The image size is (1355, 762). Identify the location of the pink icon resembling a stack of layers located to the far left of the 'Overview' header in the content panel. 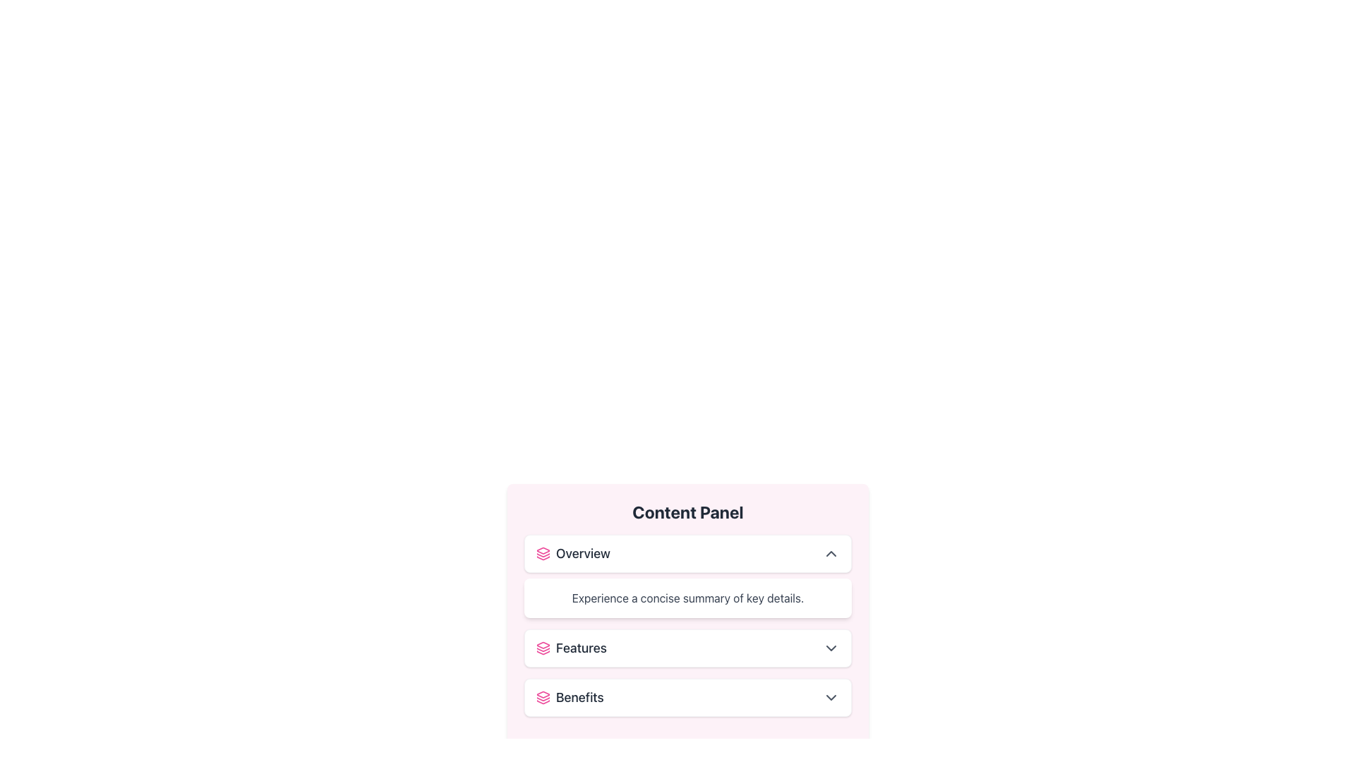
(542, 553).